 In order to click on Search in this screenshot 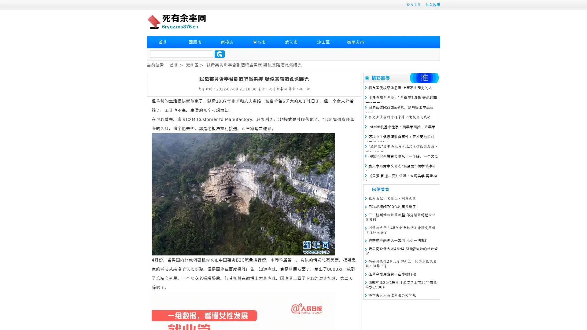, I will do `click(220, 54)`.